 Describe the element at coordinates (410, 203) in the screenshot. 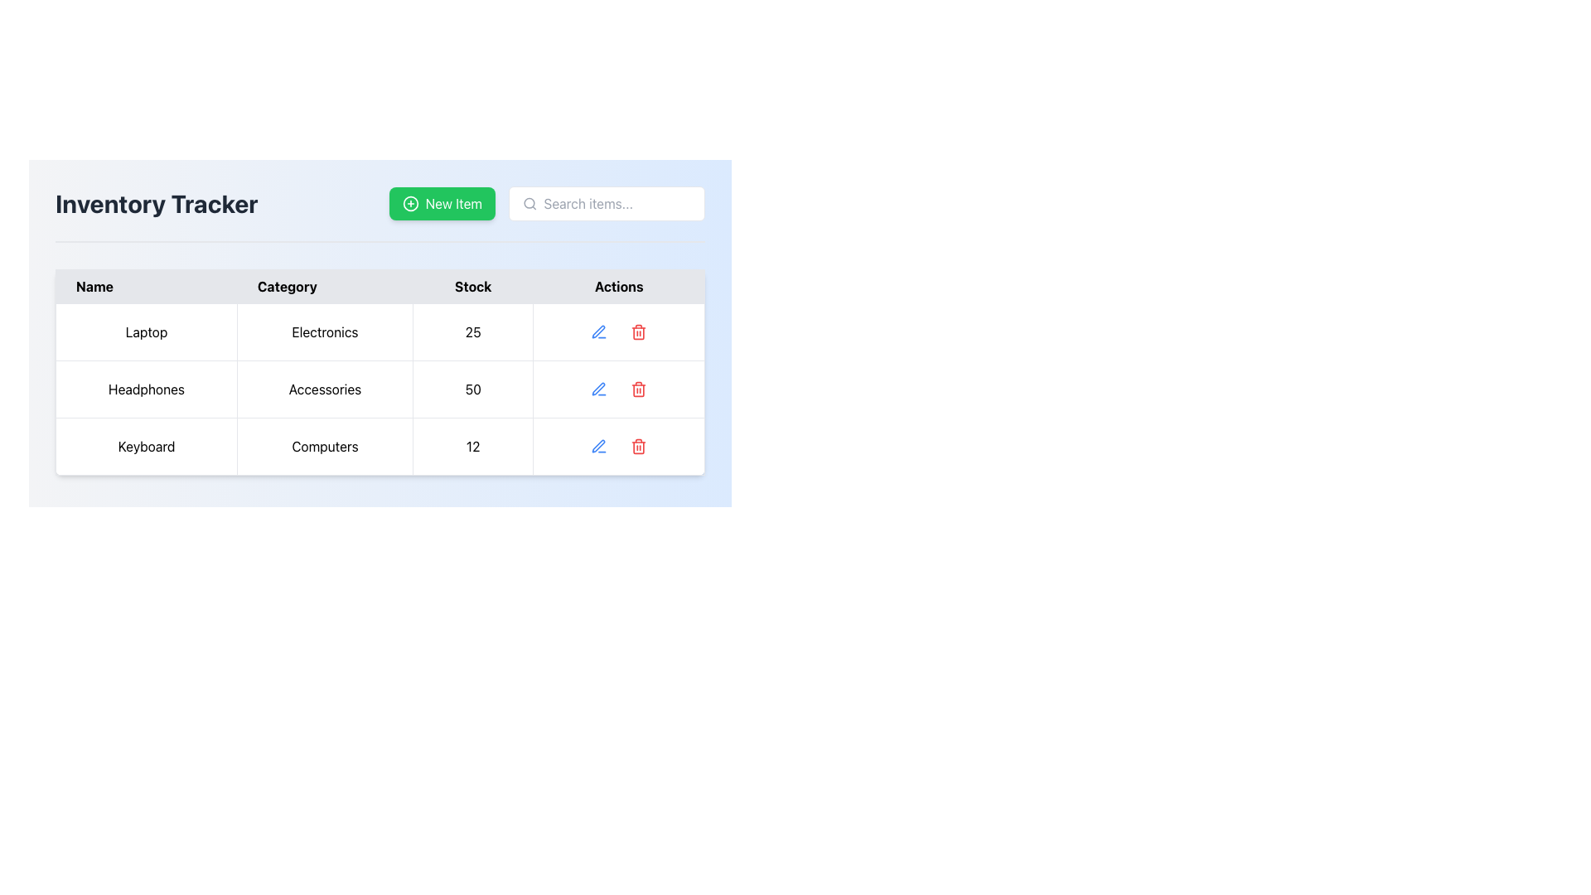

I see `the circular decorative shape of the 'add new item' icon located on the left side of the 'New Item' button on the top bar` at that location.